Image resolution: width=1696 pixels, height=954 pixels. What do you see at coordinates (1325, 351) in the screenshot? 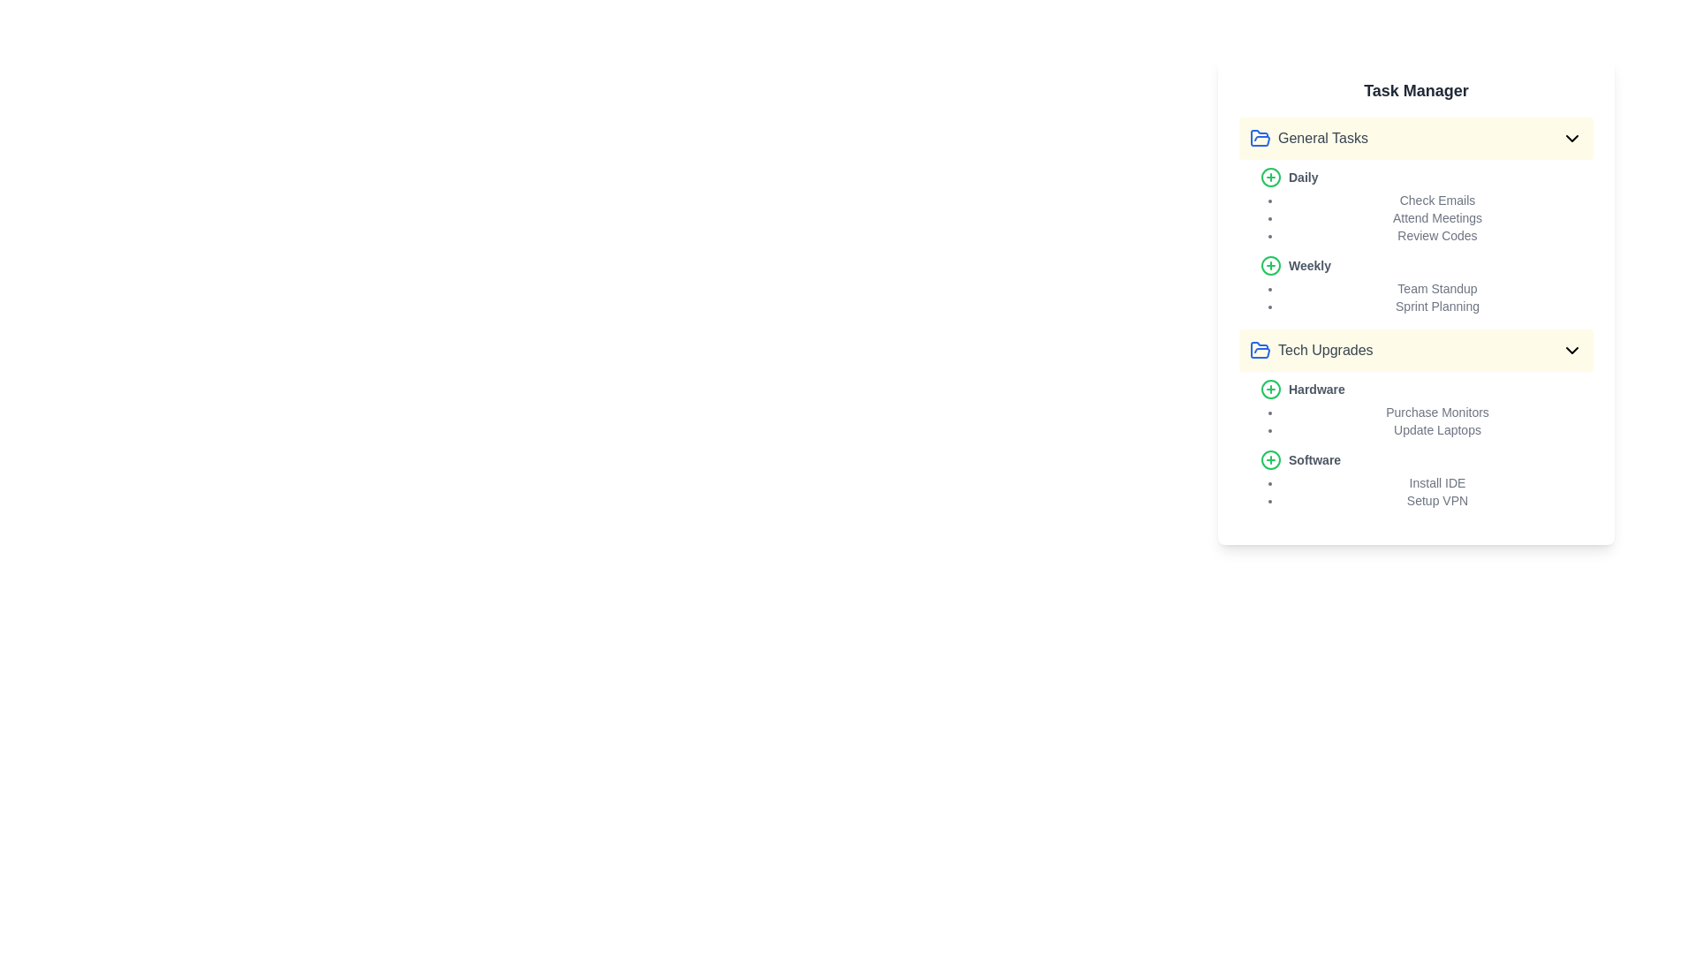
I see `'Tech Upgrades' text label which is a medium-weight gray font aligned to the right of a blue-tinted folder icon within a light yellow-highlighted section under 'General Tasks'` at bounding box center [1325, 351].